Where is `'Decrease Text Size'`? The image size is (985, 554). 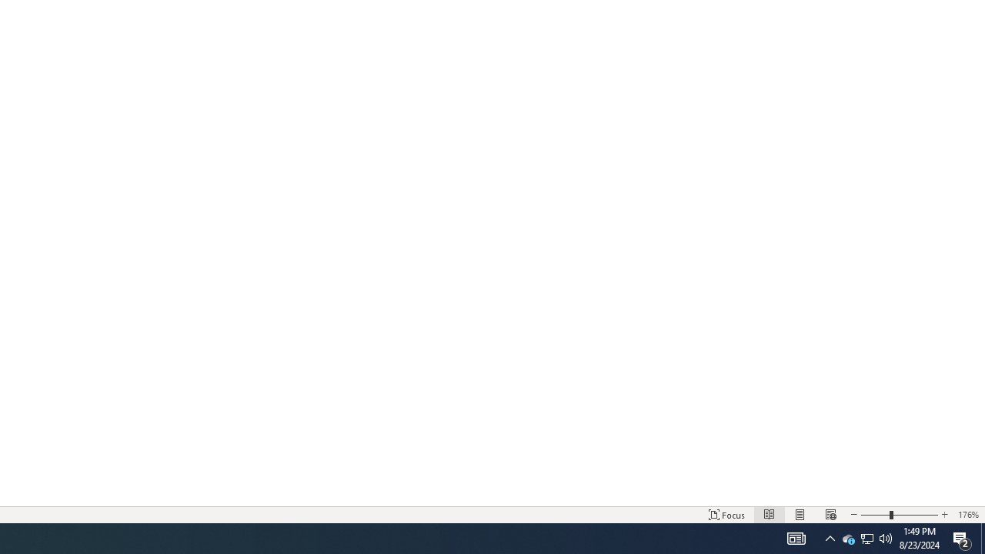 'Decrease Text Size' is located at coordinates (853, 515).